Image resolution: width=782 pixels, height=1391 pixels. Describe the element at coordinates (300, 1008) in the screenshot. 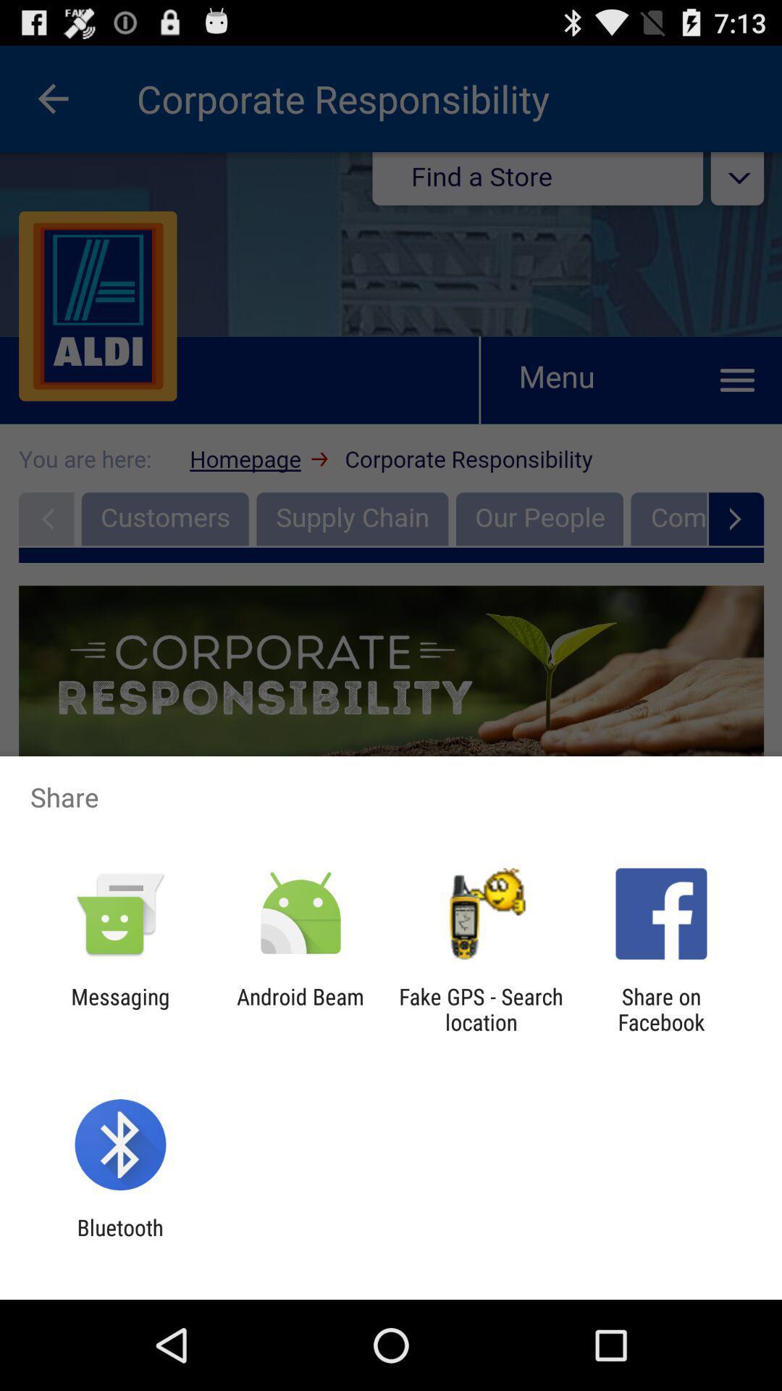

I see `the icon to the right of messaging icon` at that location.